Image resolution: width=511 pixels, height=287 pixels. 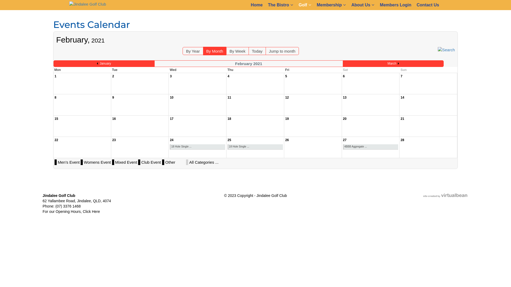 I want to click on '1', so click(x=55, y=76).